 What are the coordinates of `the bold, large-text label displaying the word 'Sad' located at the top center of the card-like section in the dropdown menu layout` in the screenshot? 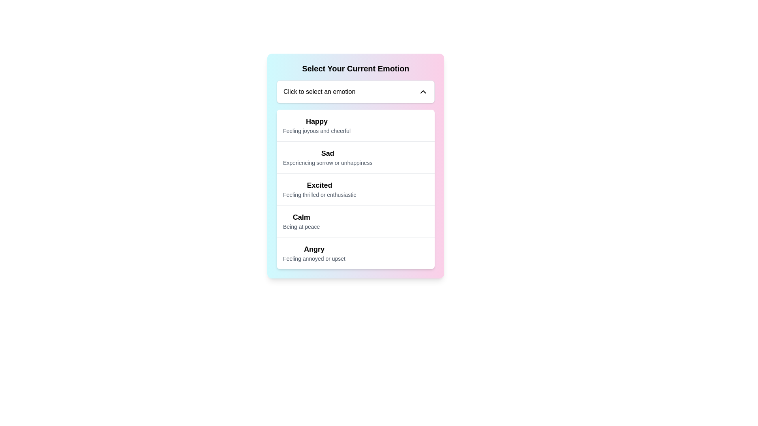 It's located at (328, 153).